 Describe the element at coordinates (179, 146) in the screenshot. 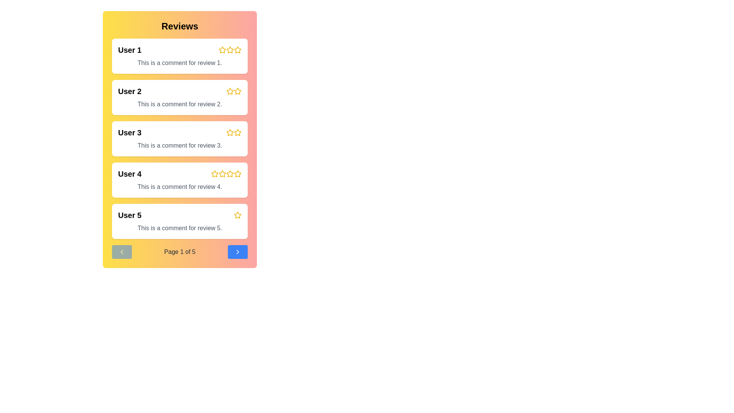

I see `text content displaying the comment or feedback associated with the 'User 3' review, located within the third review card below the user name and star rating icons` at that location.